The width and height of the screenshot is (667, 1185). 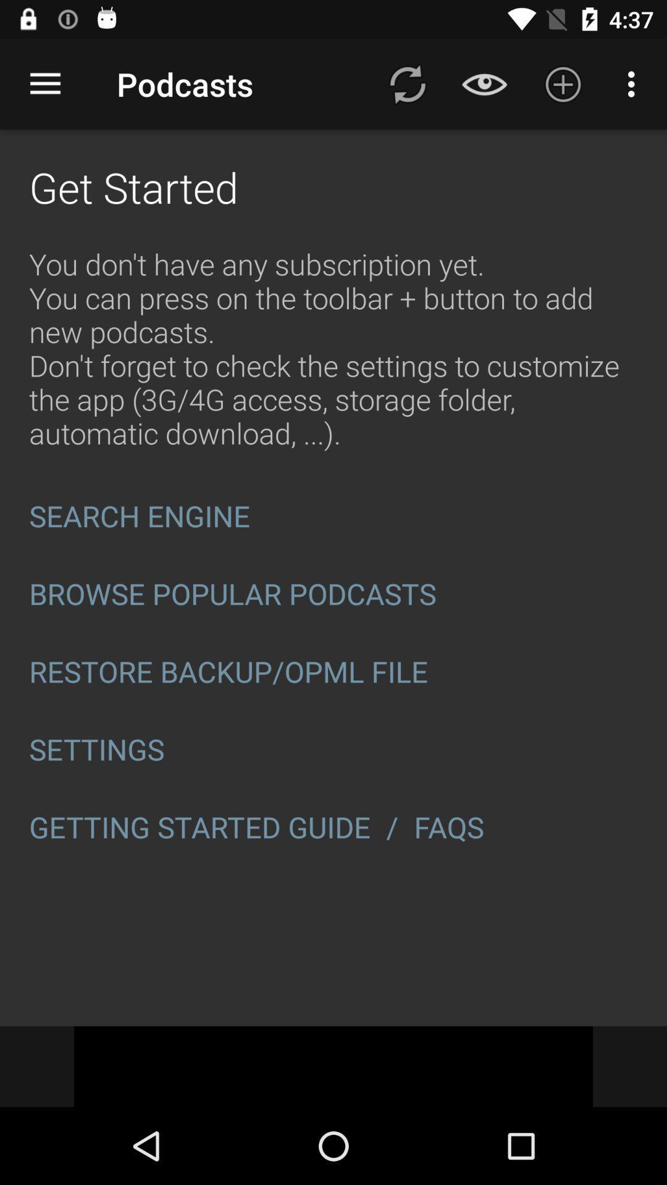 I want to click on icon at the bottom left corner, so click(x=199, y=827).